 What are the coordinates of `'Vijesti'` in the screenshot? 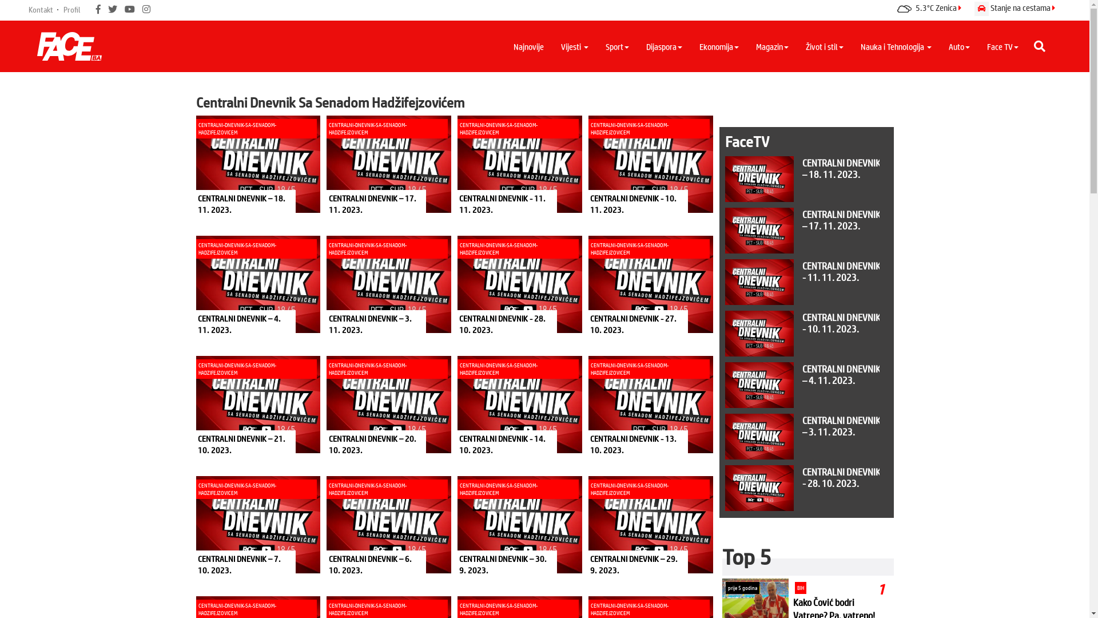 It's located at (574, 46).